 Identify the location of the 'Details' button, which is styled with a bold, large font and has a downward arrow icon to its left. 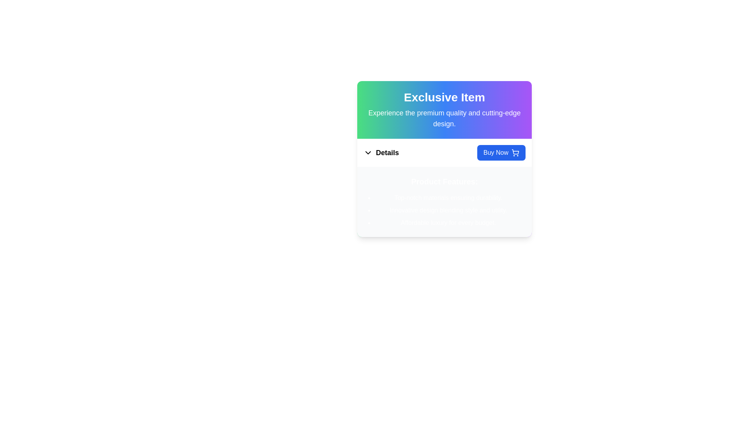
(381, 153).